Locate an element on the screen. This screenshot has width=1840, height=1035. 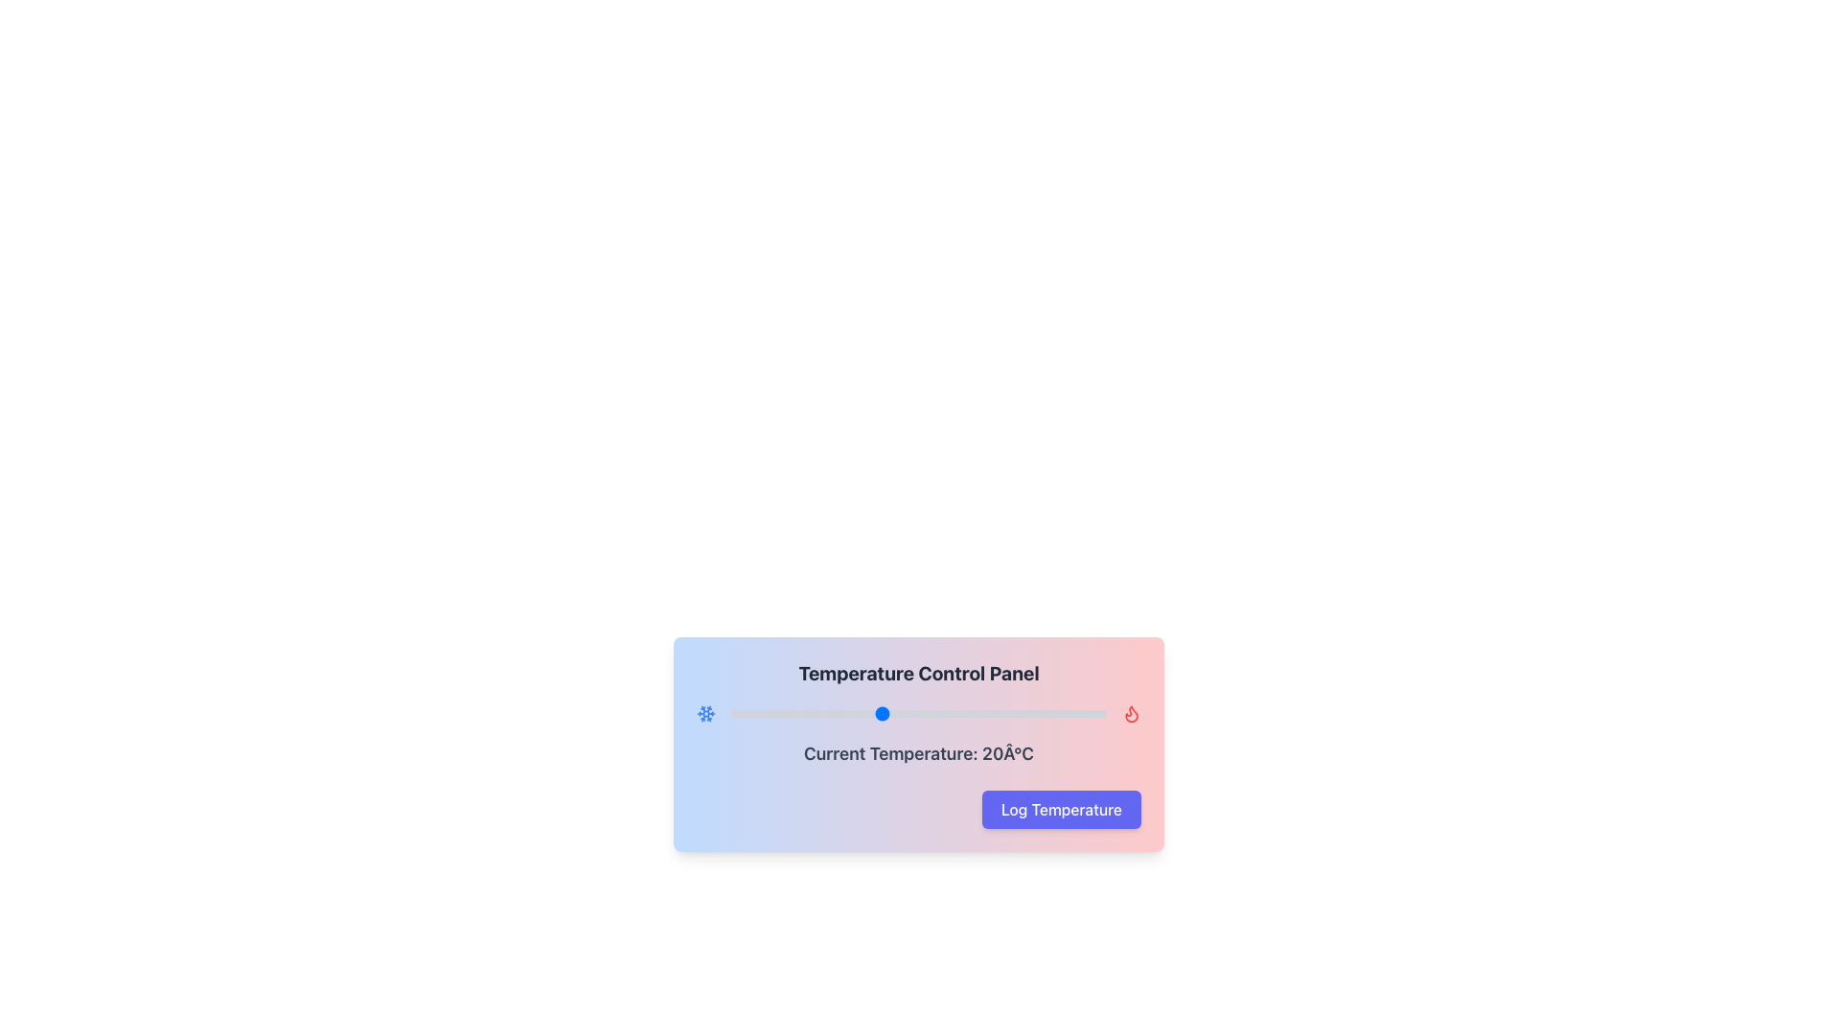
the Range Slider in the Temperature Control Panel to move the red marker to the clicked position is located at coordinates (918, 713).